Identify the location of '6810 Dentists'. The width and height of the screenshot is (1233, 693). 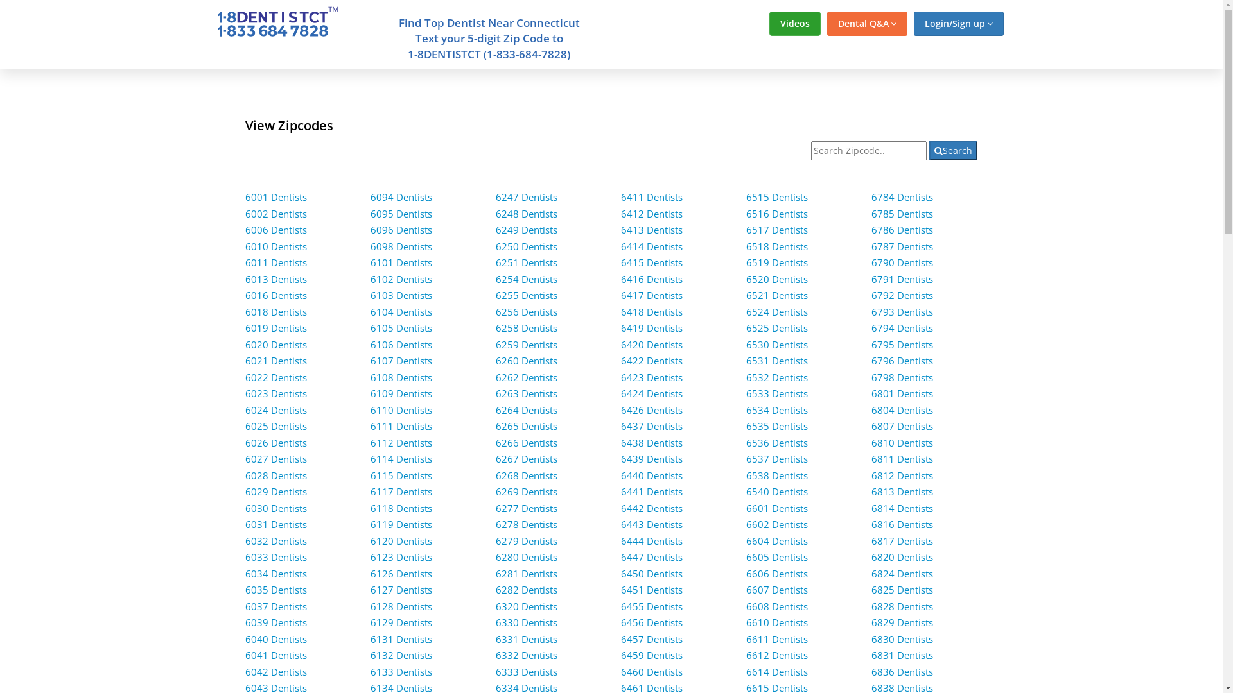
(902, 442).